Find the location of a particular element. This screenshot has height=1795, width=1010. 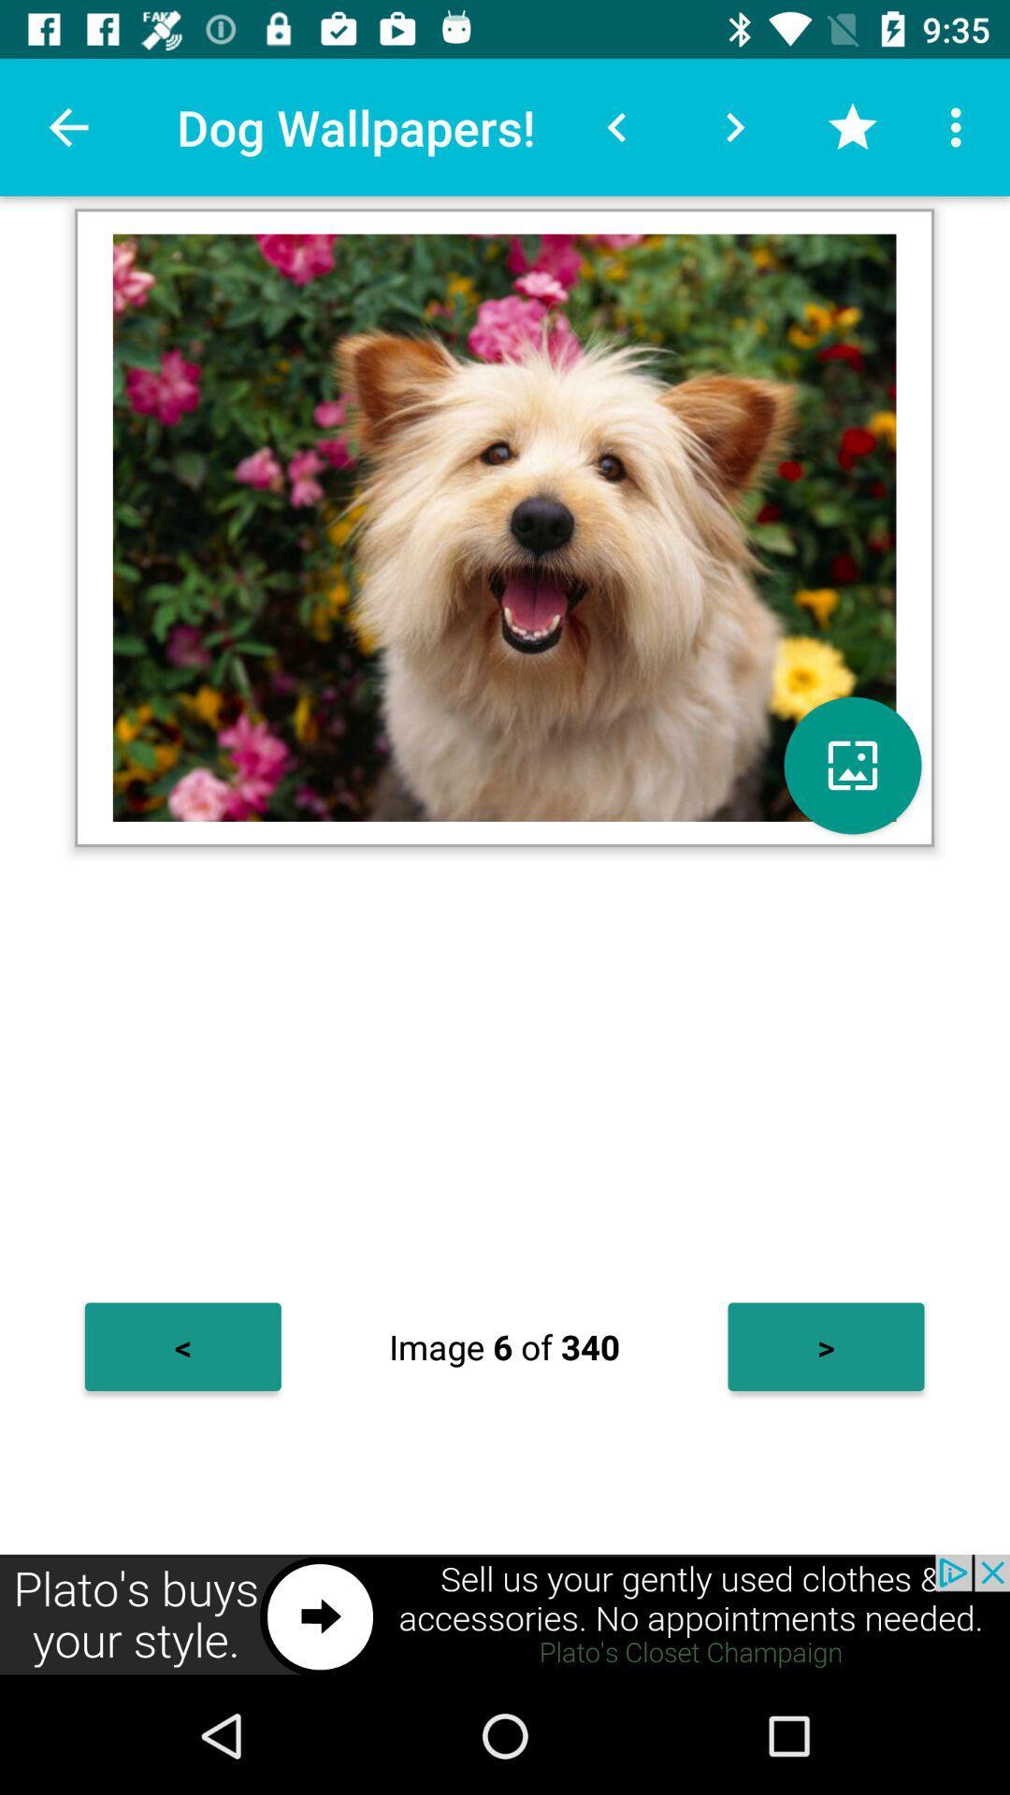

the wallpaper icon is located at coordinates (852, 766).